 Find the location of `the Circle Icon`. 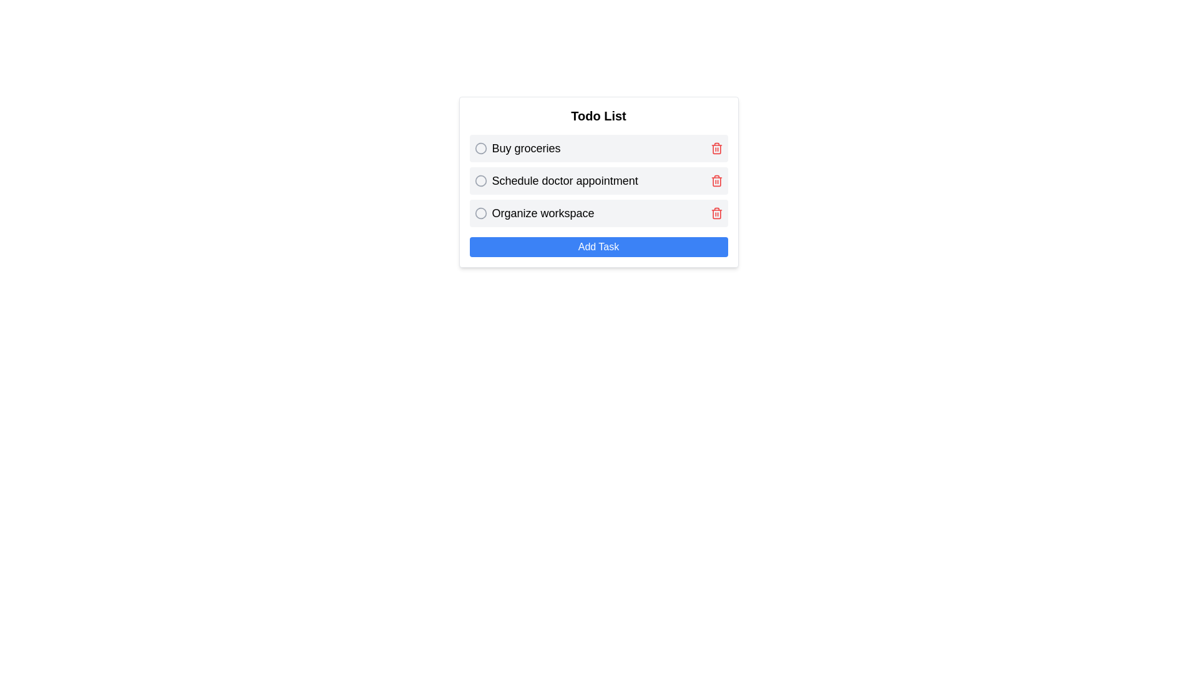

the Circle Icon is located at coordinates (480, 148).